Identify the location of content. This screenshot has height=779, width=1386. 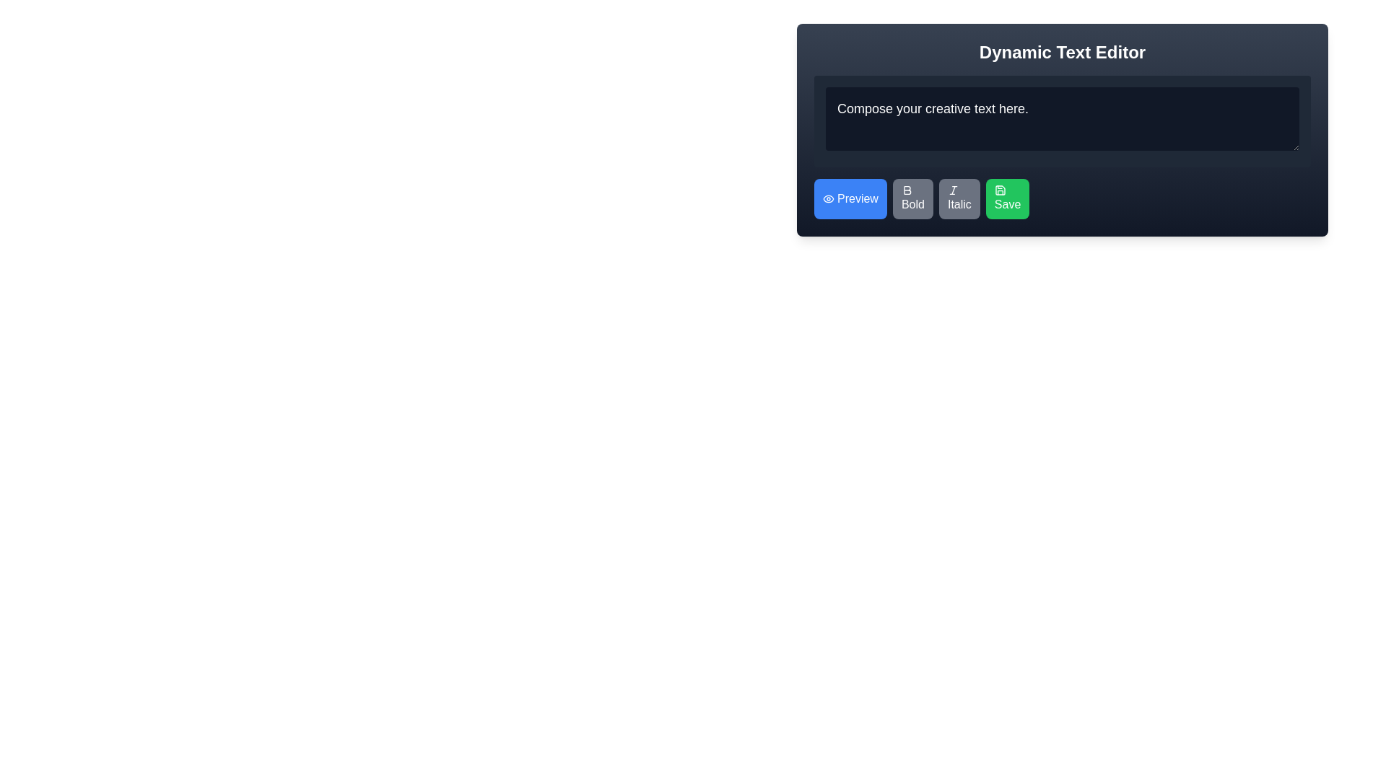
(1063, 147).